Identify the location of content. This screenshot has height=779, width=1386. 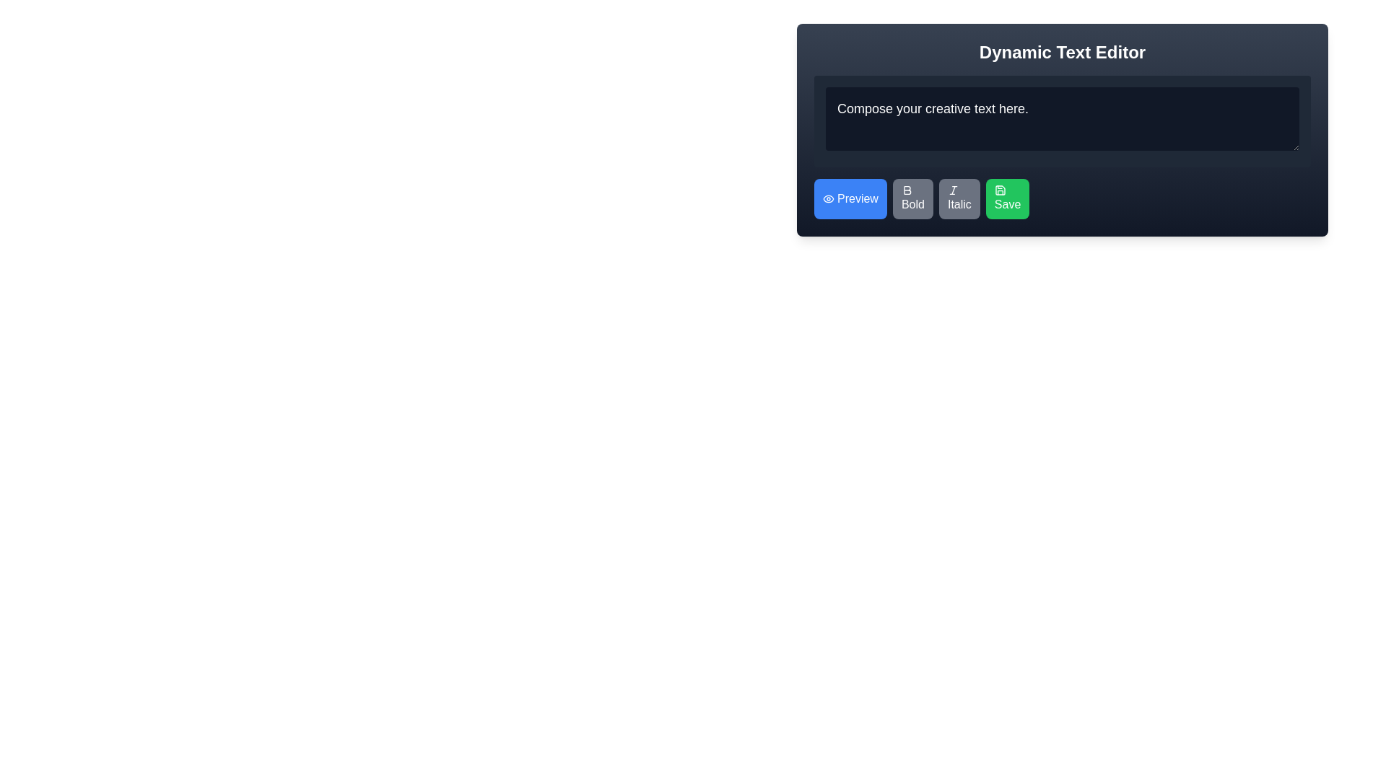
(1063, 147).